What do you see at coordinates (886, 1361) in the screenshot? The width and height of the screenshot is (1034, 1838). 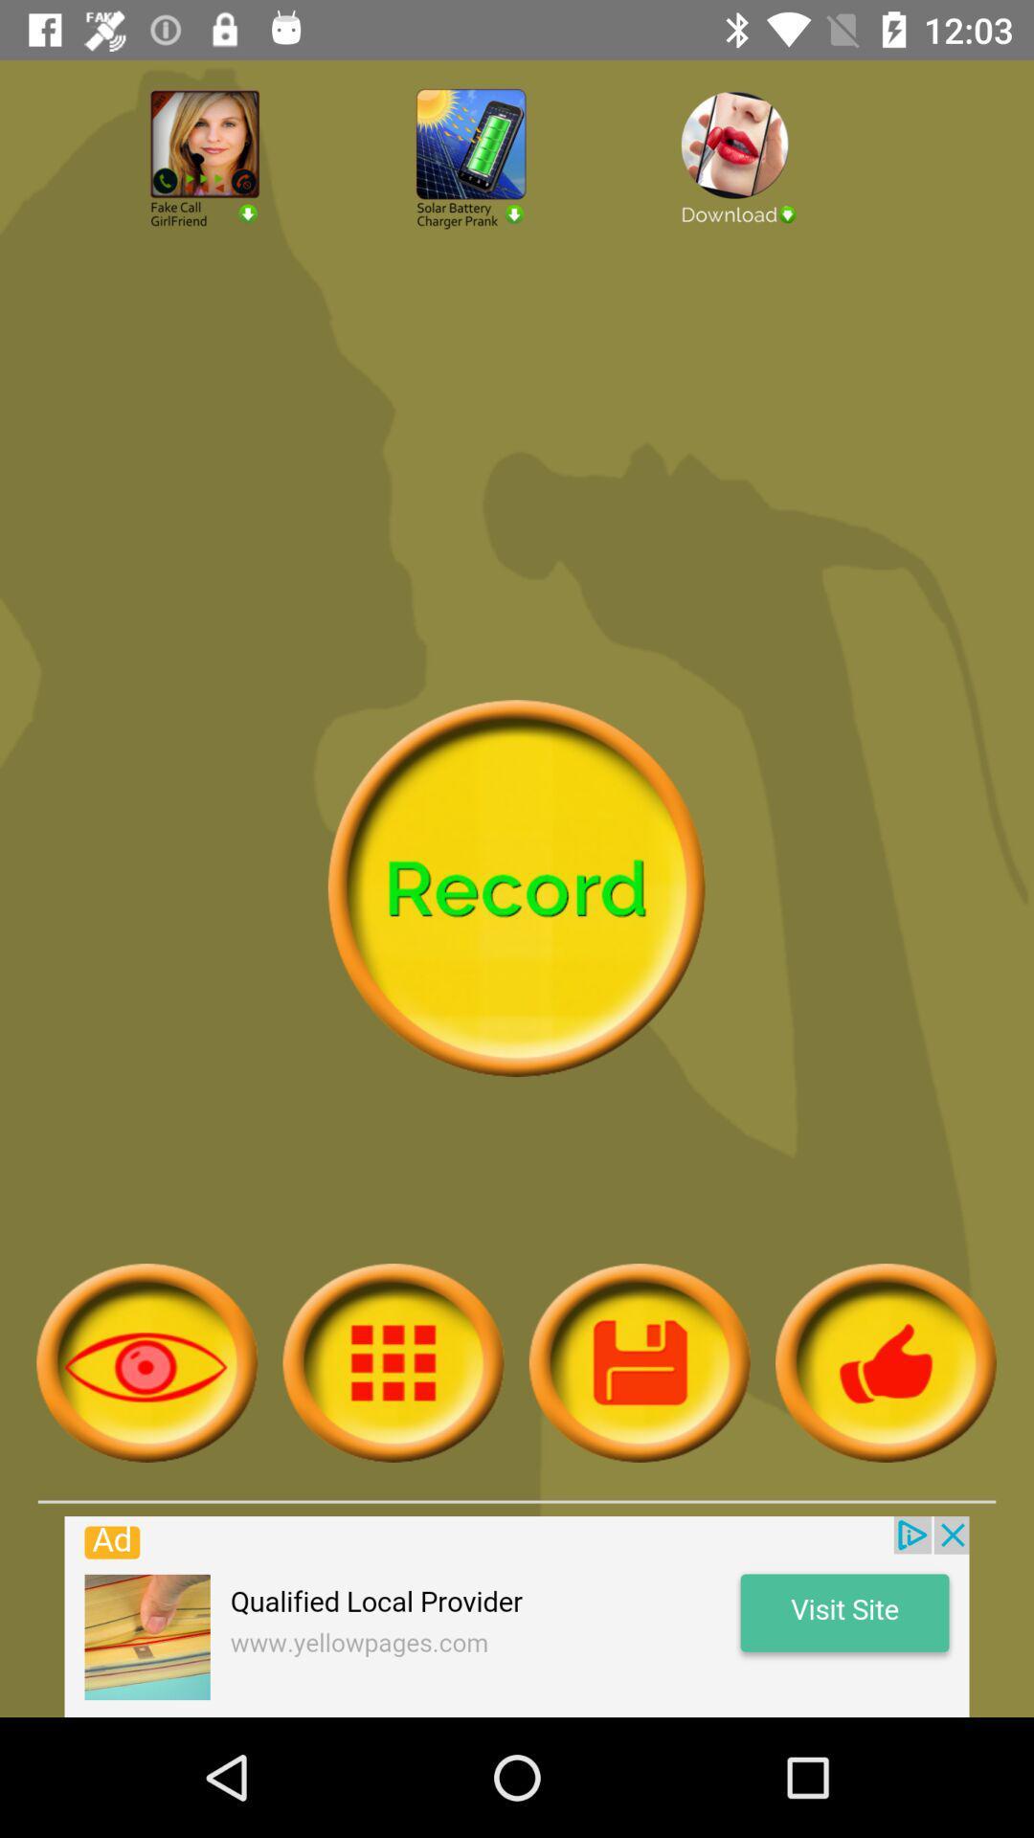 I see `like button` at bounding box center [886, 1361].